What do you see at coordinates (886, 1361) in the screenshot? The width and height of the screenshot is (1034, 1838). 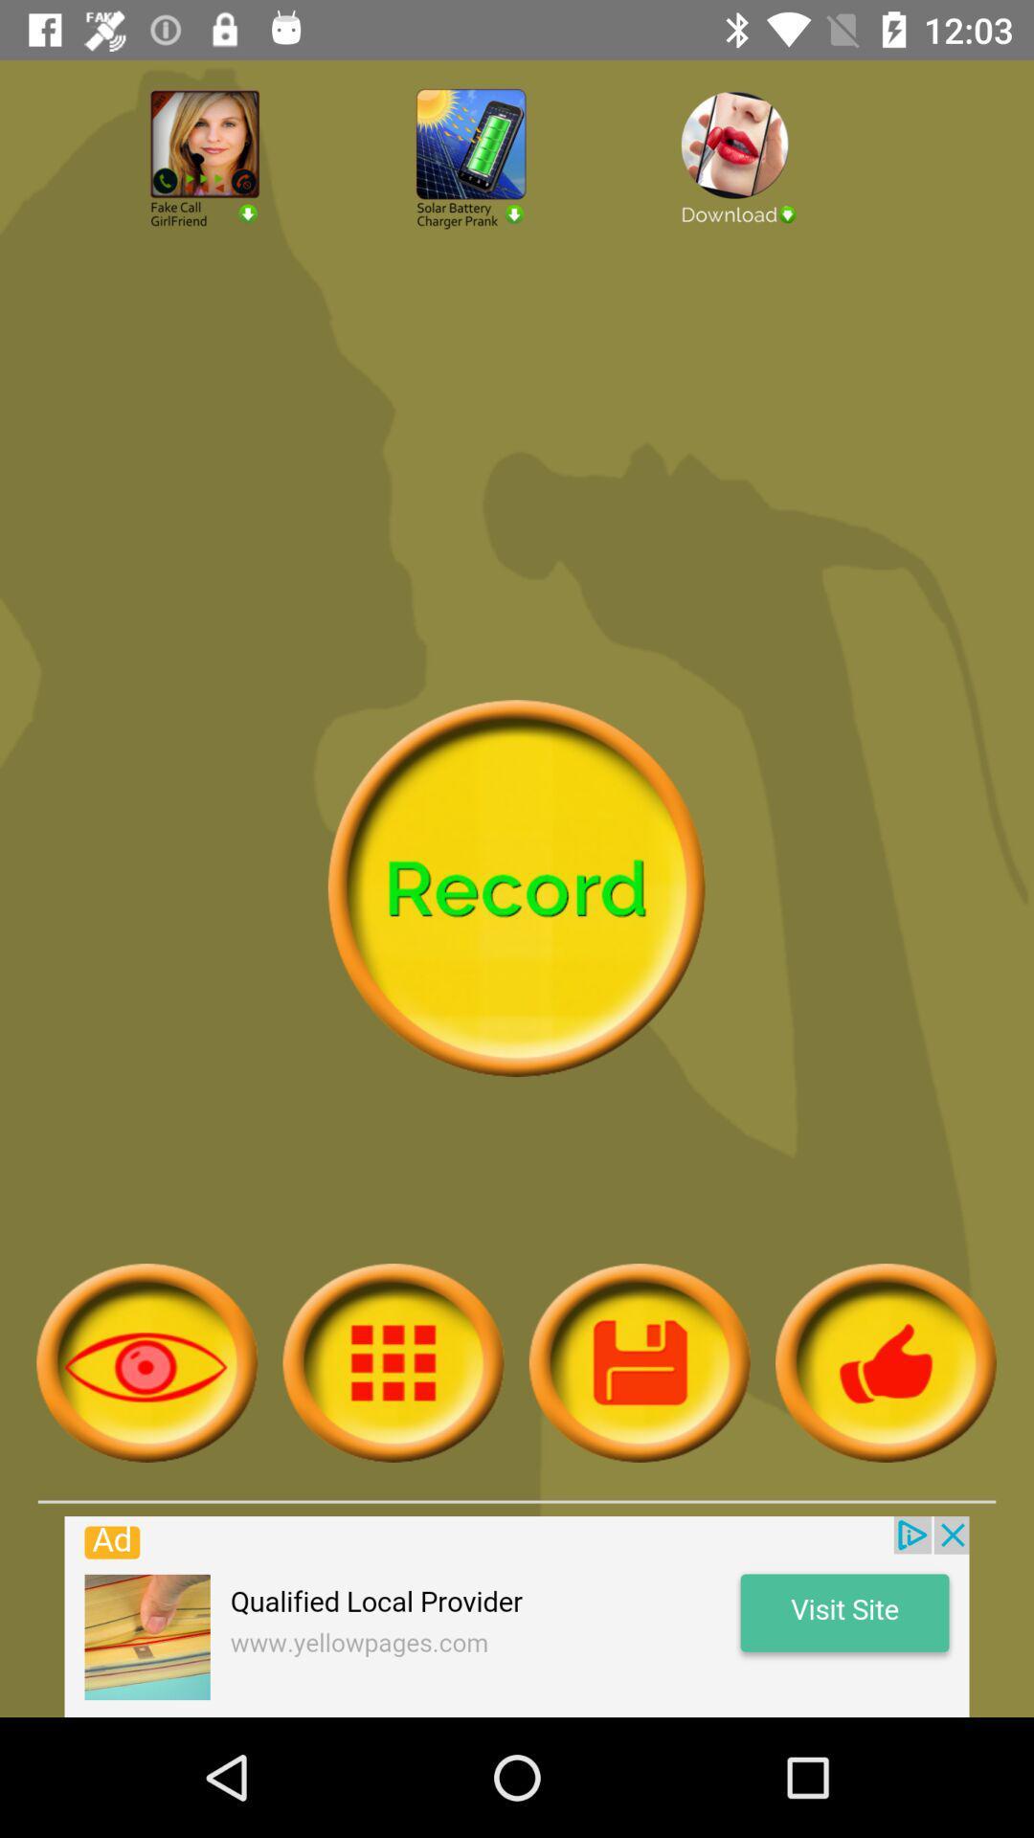 I see `like button` at bounding box center [886, 1361].